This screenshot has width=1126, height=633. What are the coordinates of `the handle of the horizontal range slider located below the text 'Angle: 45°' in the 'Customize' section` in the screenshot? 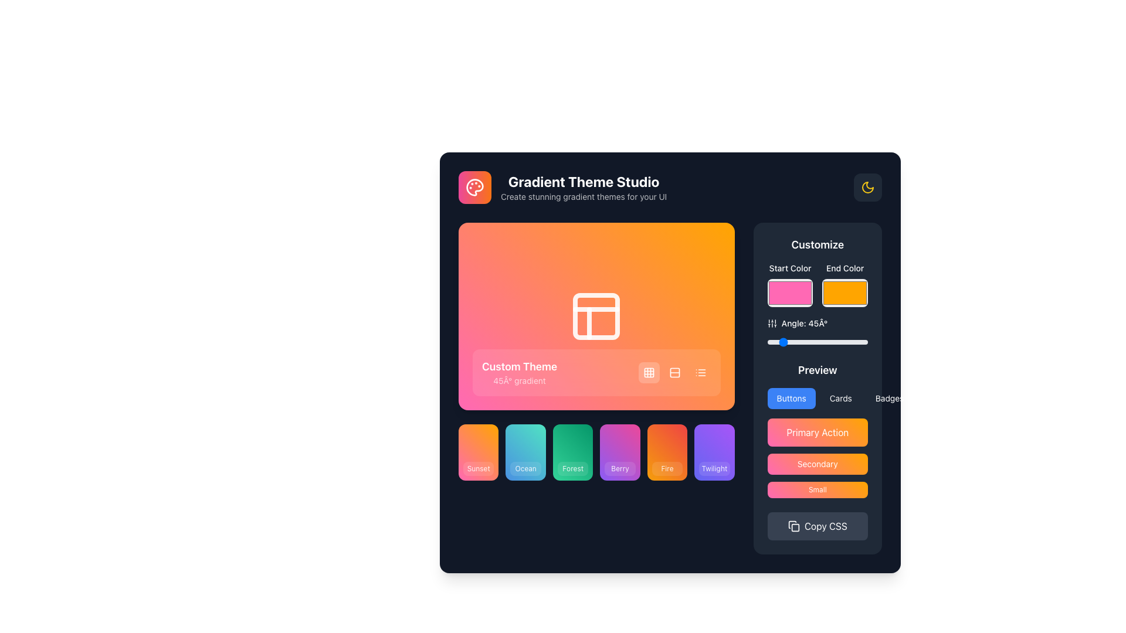 It's located at (817, 342).